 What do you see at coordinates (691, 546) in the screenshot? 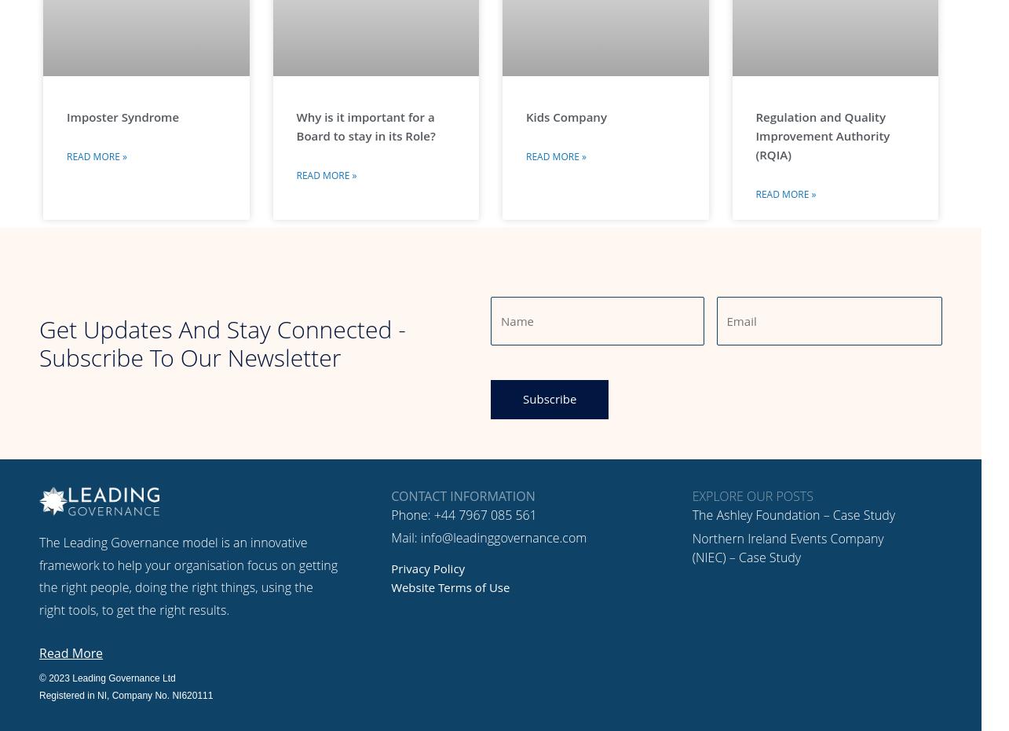
I see `'Northern Ireland Events Company (NIEC) – Case Study'` at bounding box center [691, 546].